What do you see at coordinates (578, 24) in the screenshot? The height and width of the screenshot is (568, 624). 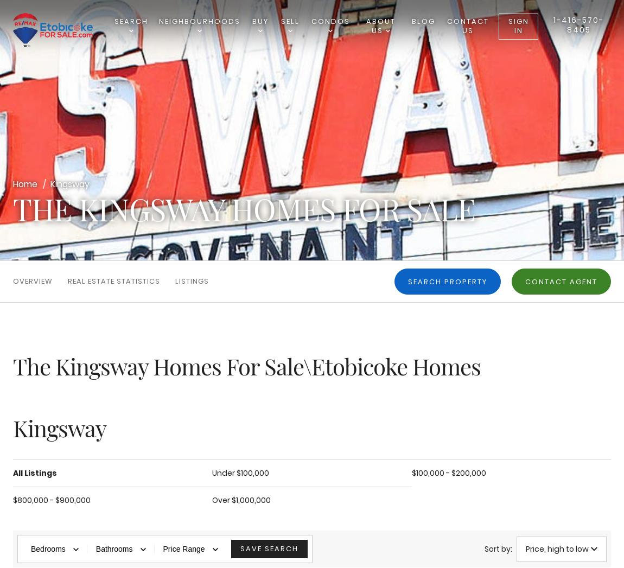 I see `'1-416-570-8405'` at bounding box center [578, 24].